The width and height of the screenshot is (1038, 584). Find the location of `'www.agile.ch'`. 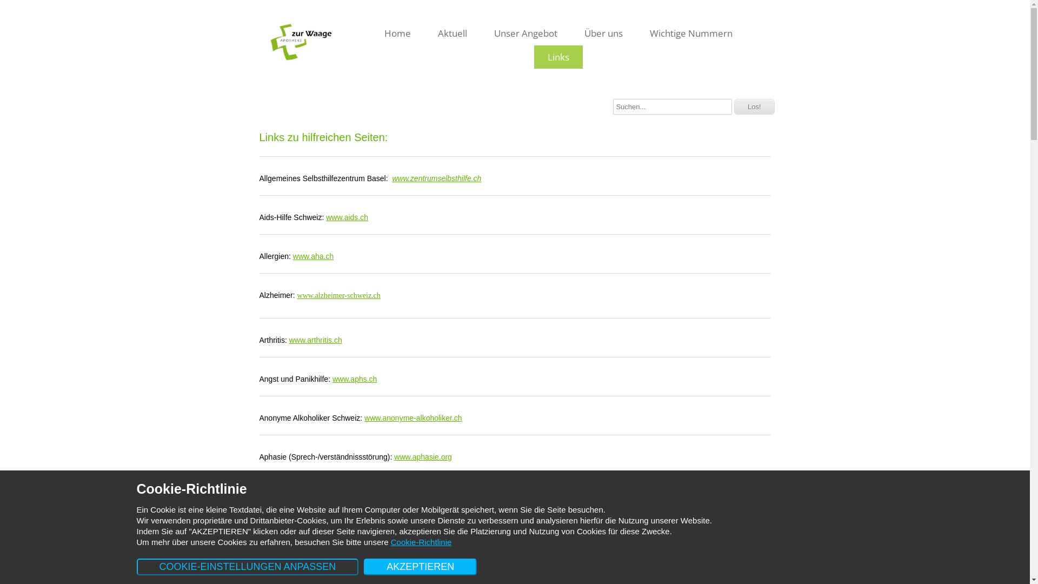

'www.agile.ch' is located at coordinates (394, 573).